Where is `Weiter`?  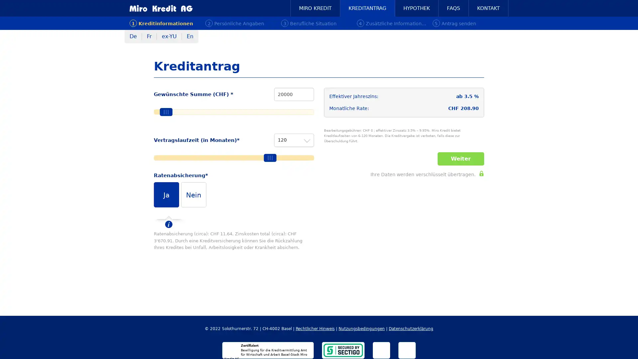 Weiter is located at coordinates (461, 159).